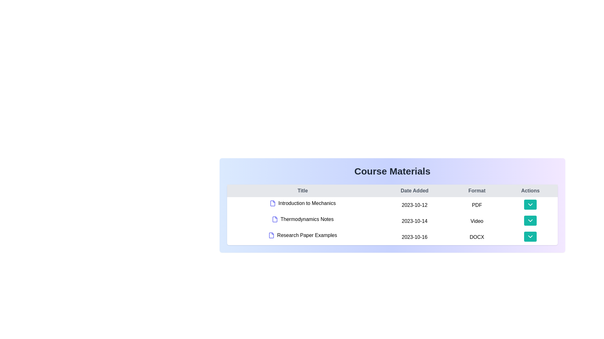 This screenshot has width=604, height=339. Describe the element at coordinates (477, 237) in the screenshot. I see `text 'DOCX' from the Label located in the 'Format' column of the table under the 'Research Paper Examples' row` at that location.